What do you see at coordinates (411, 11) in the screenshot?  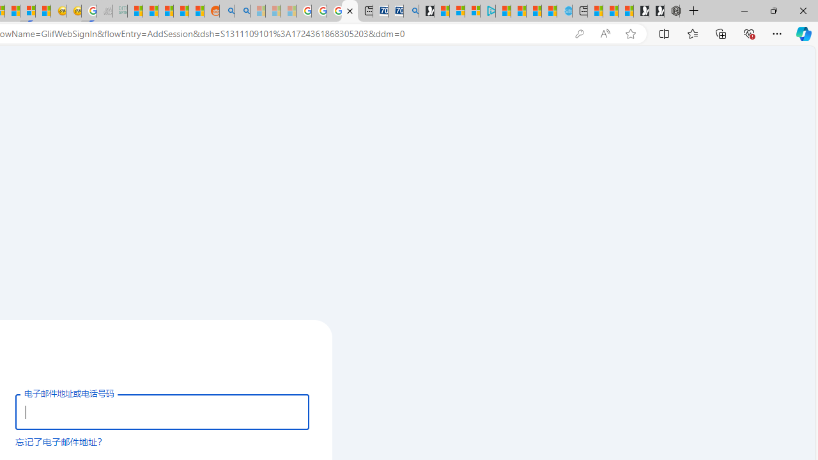 I see `'Bing Real Estate - Home sales and rental listings'` at bounding box center [411, 11].